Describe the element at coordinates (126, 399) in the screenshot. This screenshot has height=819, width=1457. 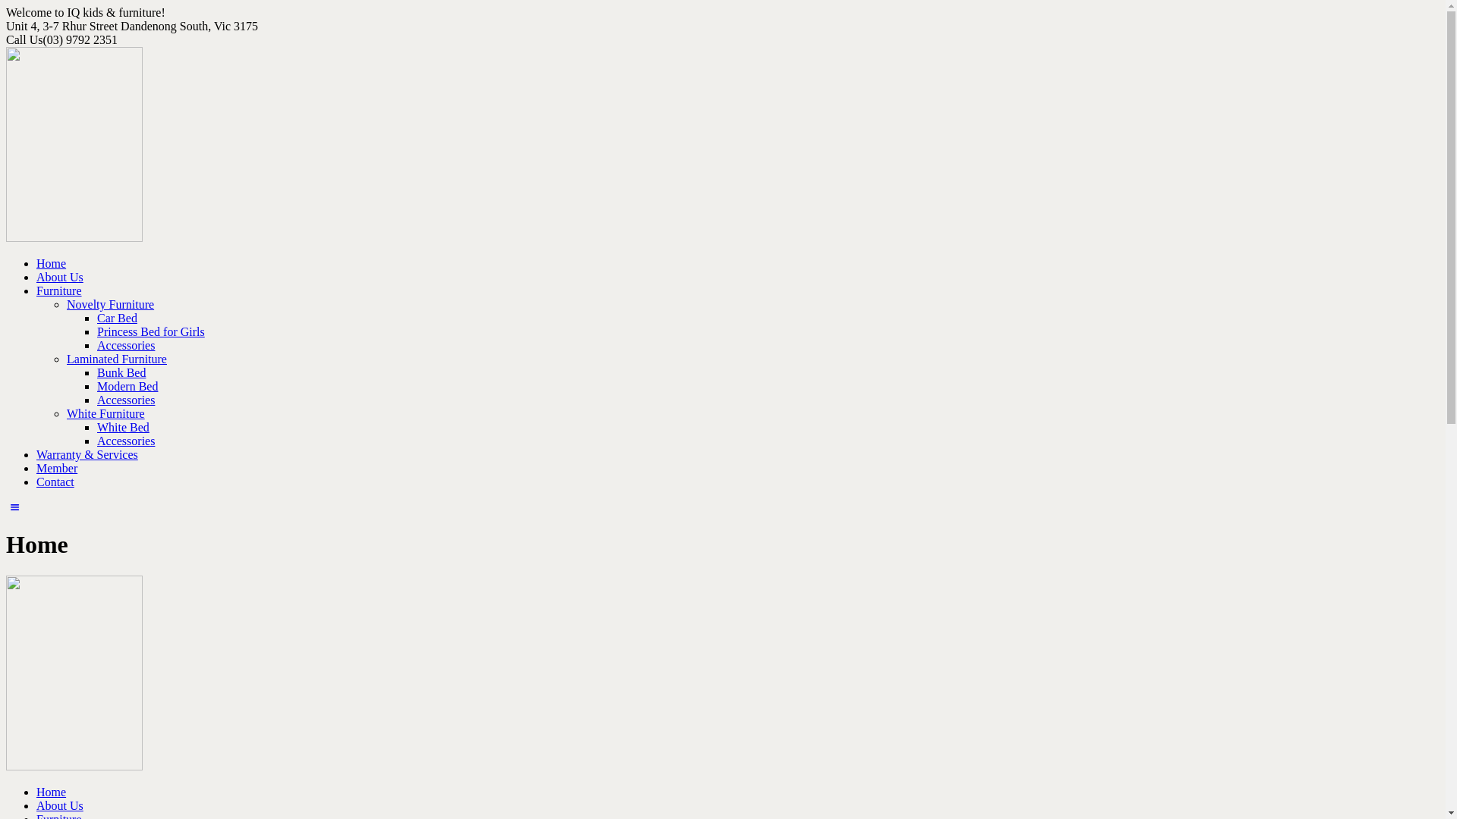
I see `'Accessories'` at that location.